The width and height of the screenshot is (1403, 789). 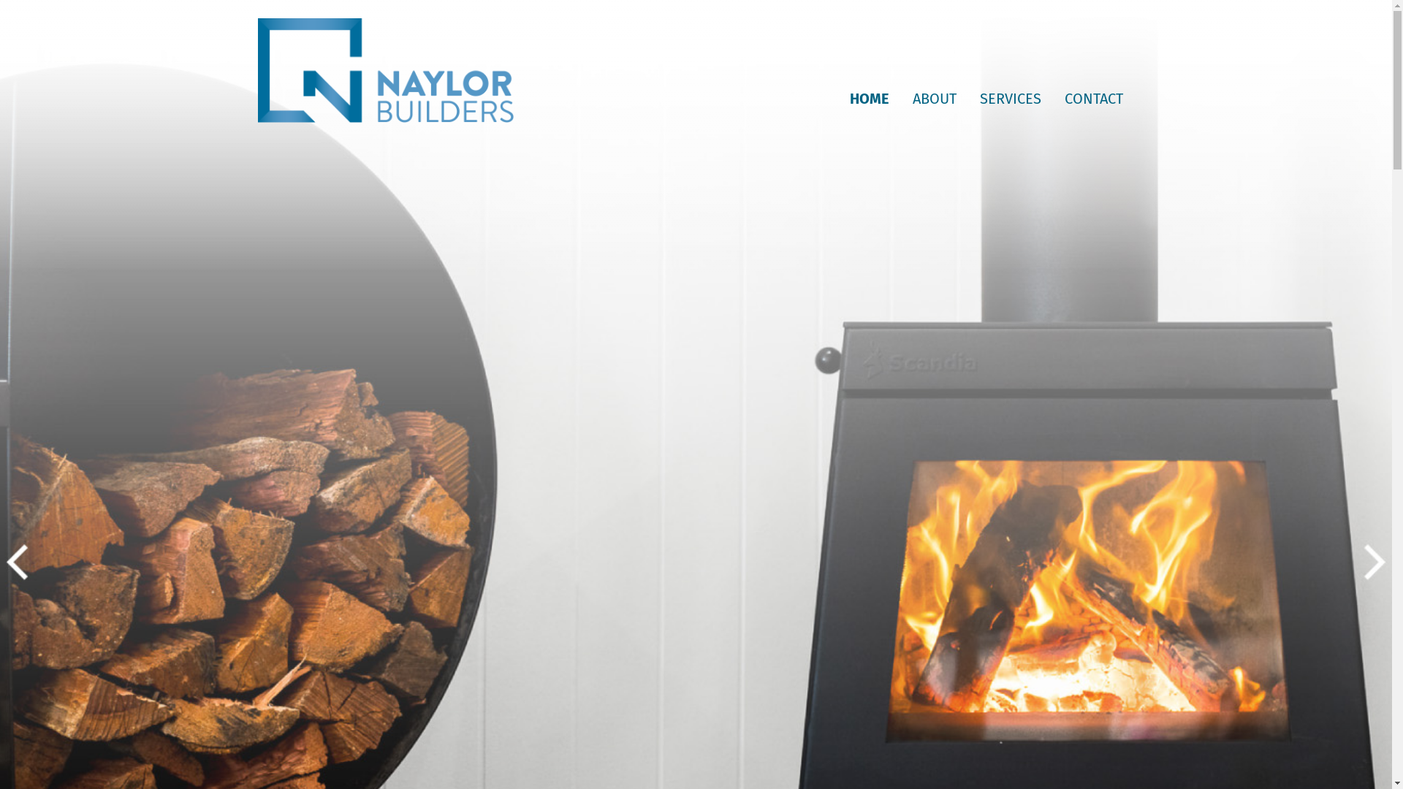 I want to click on 'HOME', so click(x=869, y=98).